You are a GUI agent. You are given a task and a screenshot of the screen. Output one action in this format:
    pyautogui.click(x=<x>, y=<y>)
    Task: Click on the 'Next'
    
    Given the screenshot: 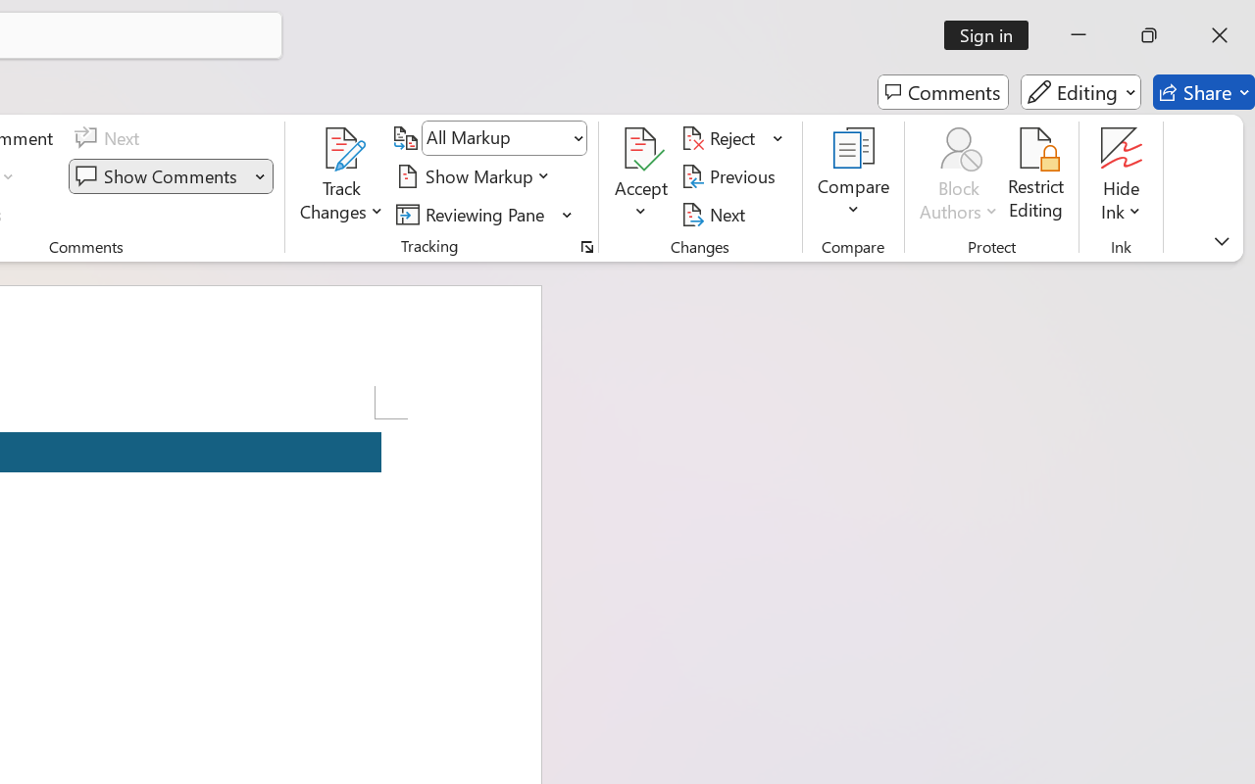 What is the action you would take?
    pyautogui.click(x=715, y=214)
    